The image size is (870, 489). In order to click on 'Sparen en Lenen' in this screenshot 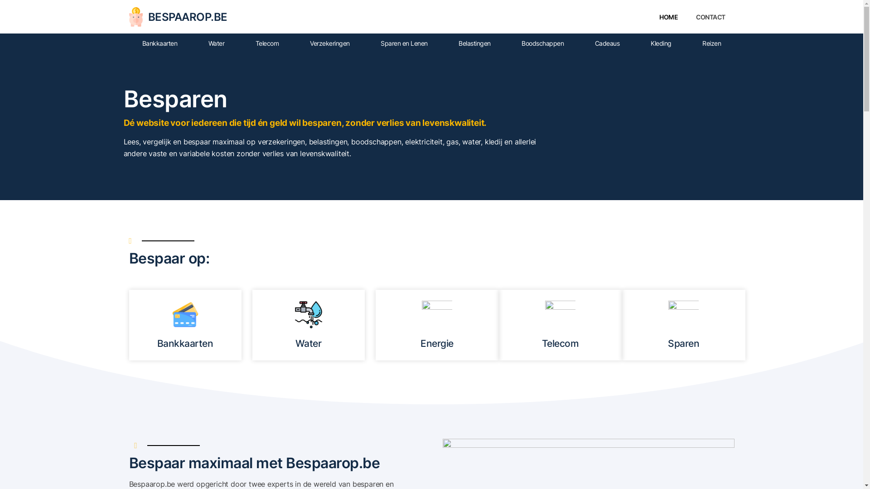, I will do `click(404, 43)`.